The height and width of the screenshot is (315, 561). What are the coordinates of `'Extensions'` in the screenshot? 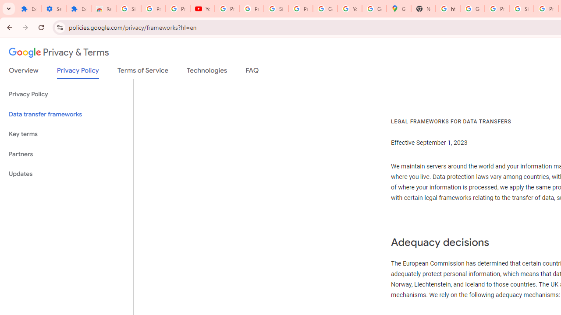 It's located at (78, 9).